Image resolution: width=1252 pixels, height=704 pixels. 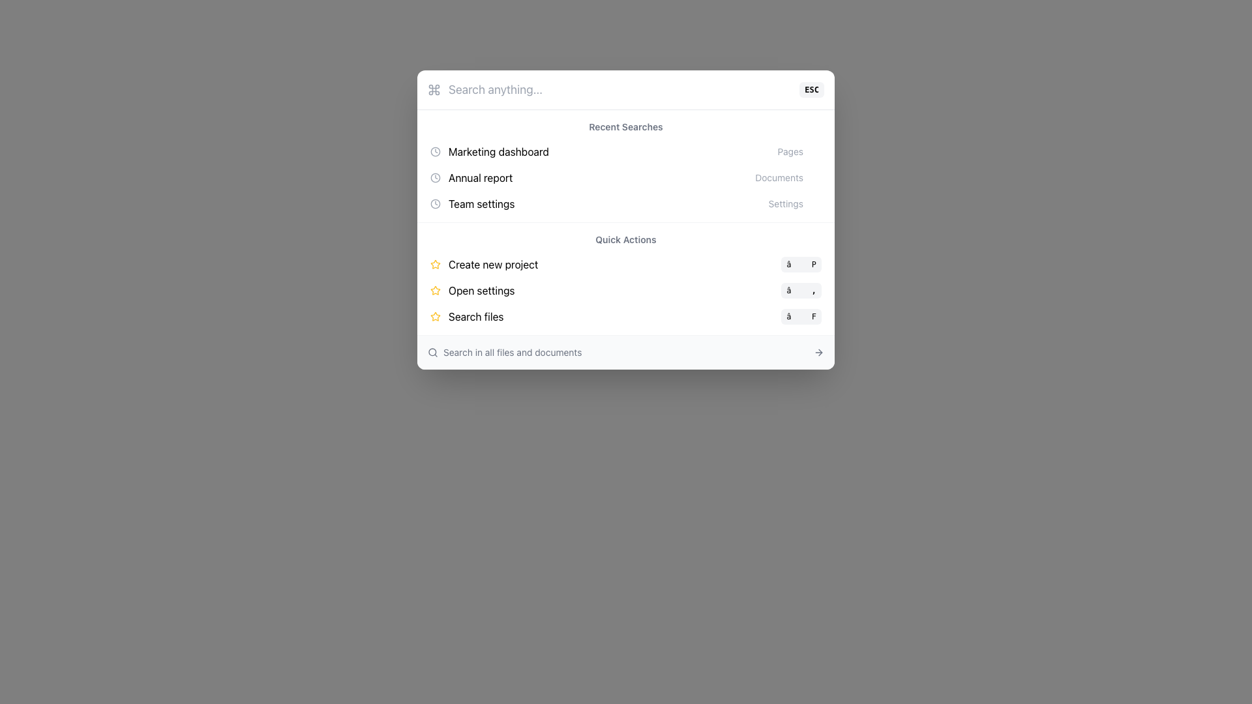 What do you see at coordinates (434, 89) in the screenshot?
I see `the decorative icon located at the top-left corner of the search bar in the modal, which represents an action associated with the search function` at bounding box center [434, 89].